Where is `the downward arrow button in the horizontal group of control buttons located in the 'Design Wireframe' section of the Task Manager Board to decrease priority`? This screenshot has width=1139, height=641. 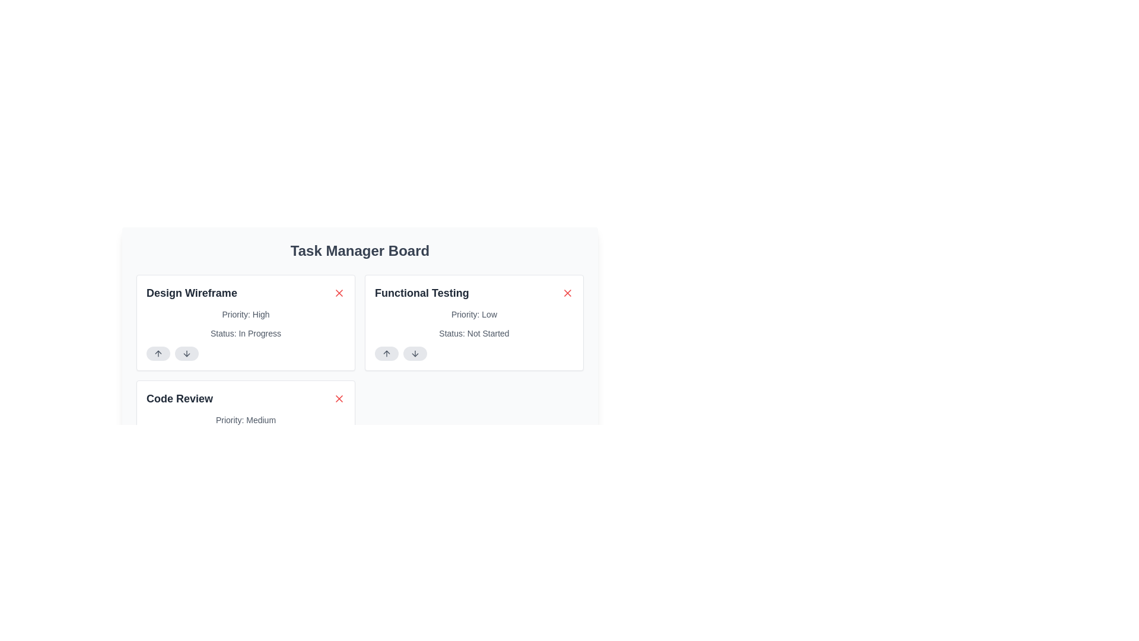 the downward arrow button in the horizontal group of control buttons located in the 'Design Wireframe' section of the Task Manager Board to decrease priority is located at coordinates (245, 353).